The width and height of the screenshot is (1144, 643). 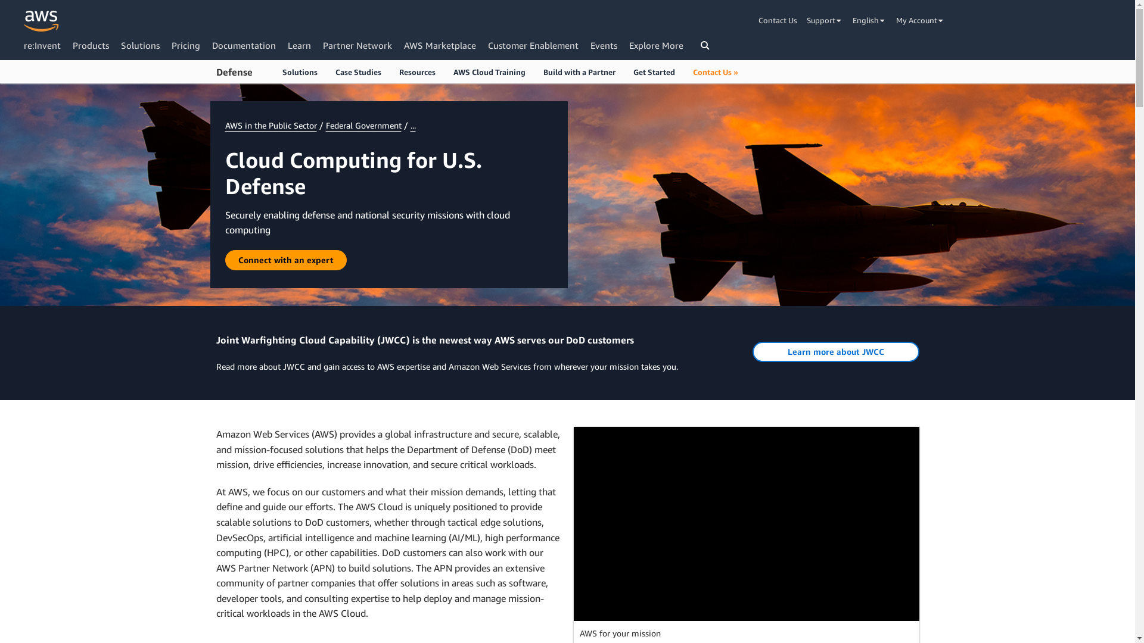 I want to click on 'Click here to return to Amazon Web Services homepage', so click(x=41, y=21).